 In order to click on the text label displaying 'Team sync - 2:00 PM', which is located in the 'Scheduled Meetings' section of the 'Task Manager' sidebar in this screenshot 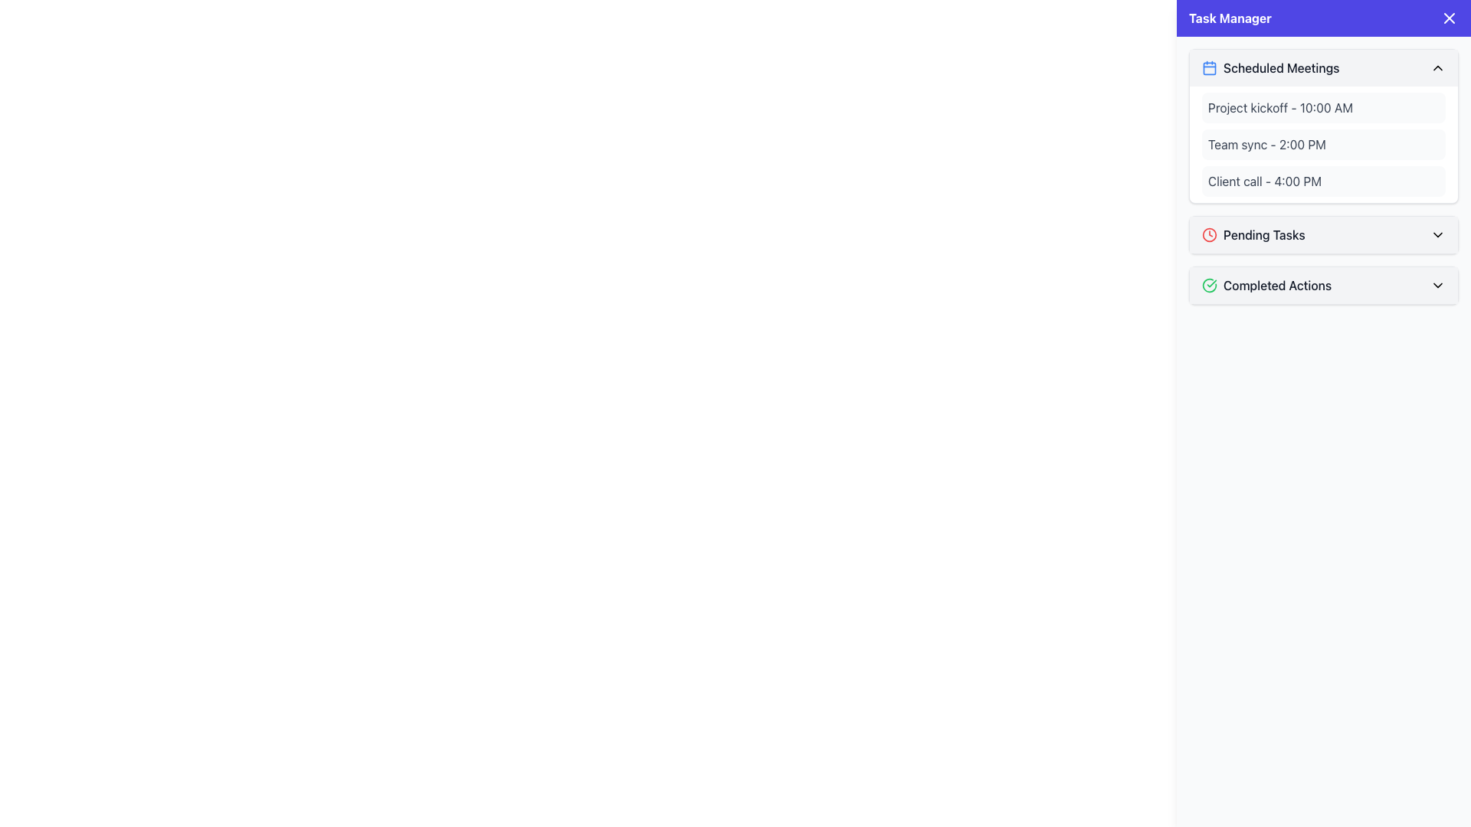, I will do `click(1266, 145)`.